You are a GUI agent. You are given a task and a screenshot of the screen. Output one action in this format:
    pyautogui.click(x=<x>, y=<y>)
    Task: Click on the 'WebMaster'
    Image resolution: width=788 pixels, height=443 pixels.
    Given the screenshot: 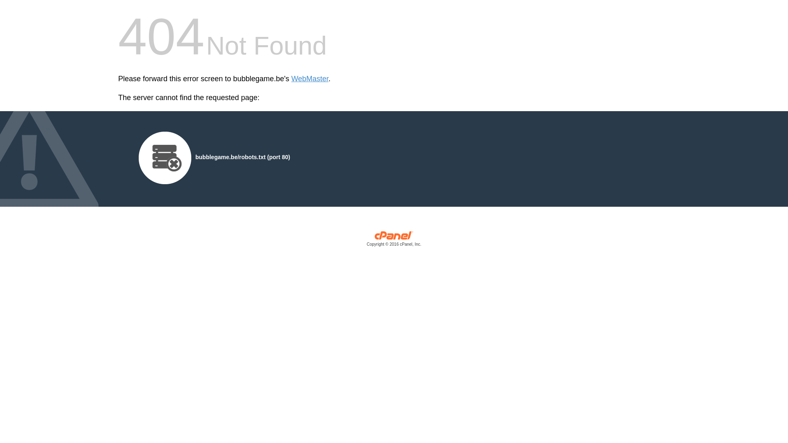 What is the action you would take?
    pyautogui.click(x=309, y=79)
    